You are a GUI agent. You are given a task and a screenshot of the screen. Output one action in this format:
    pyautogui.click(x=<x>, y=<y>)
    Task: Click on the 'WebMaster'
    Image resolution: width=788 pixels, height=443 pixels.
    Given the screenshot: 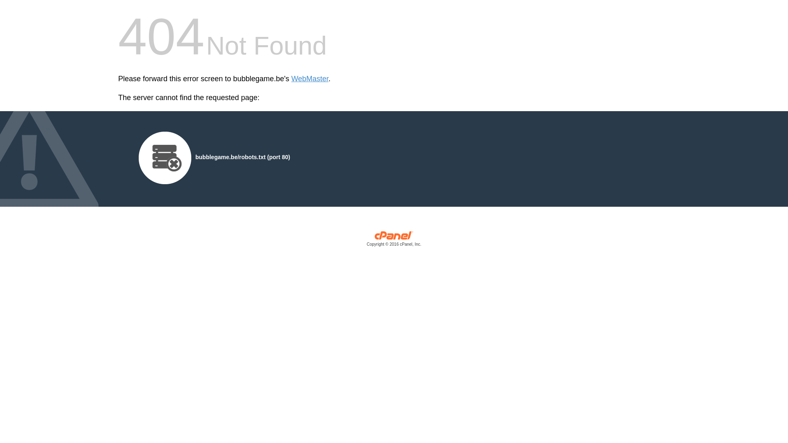 What is the action you would take?
    pyautogui.click(x=309, y=79)
    